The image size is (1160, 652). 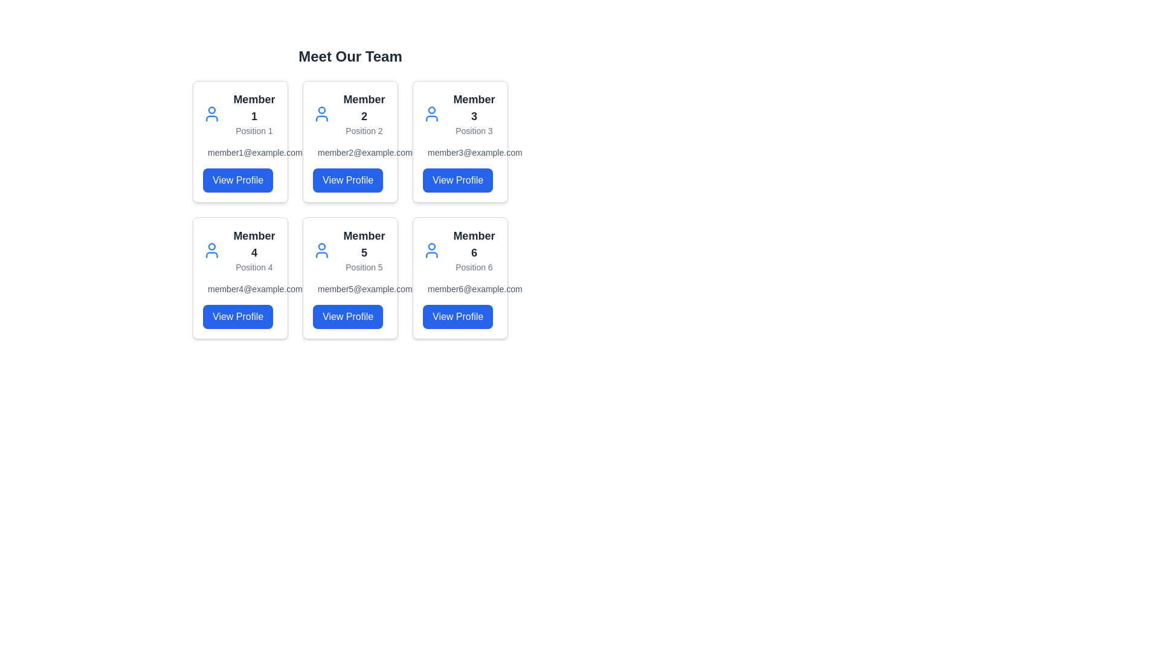 What do you see at coordinates (473, 267) in the screenshot?
I see `the Static Text element displaying 'Position 6', which is styled in light gray and positioned below 'Member 6' and above the email address in the last card on the bottom right of the grid layout` at bounding box center [473, 267].